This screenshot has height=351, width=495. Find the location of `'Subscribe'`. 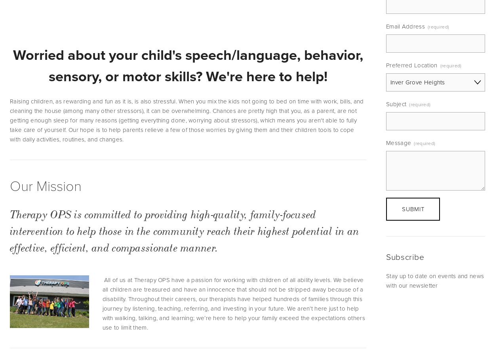

'Subscribe' is located at coordinates (405, 256).